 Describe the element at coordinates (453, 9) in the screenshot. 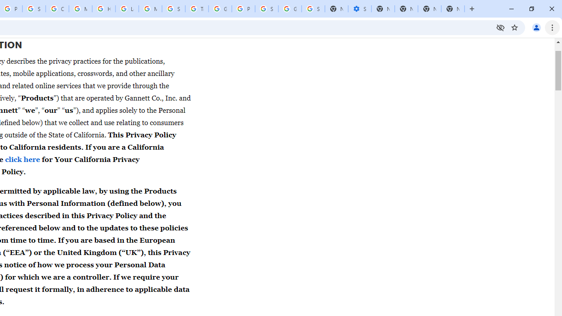

I see `'New Tab'` at that location.